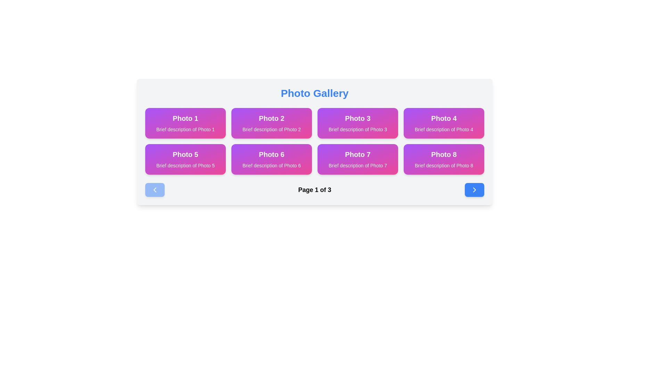 The image size is (667, 375). What do you see at coordinates (185, 159) in the screenshot?
I see `the Card located in the second row, first column of the four-column grid layout within the 'Photo Gallery' section` at bounding box center [185, 159].